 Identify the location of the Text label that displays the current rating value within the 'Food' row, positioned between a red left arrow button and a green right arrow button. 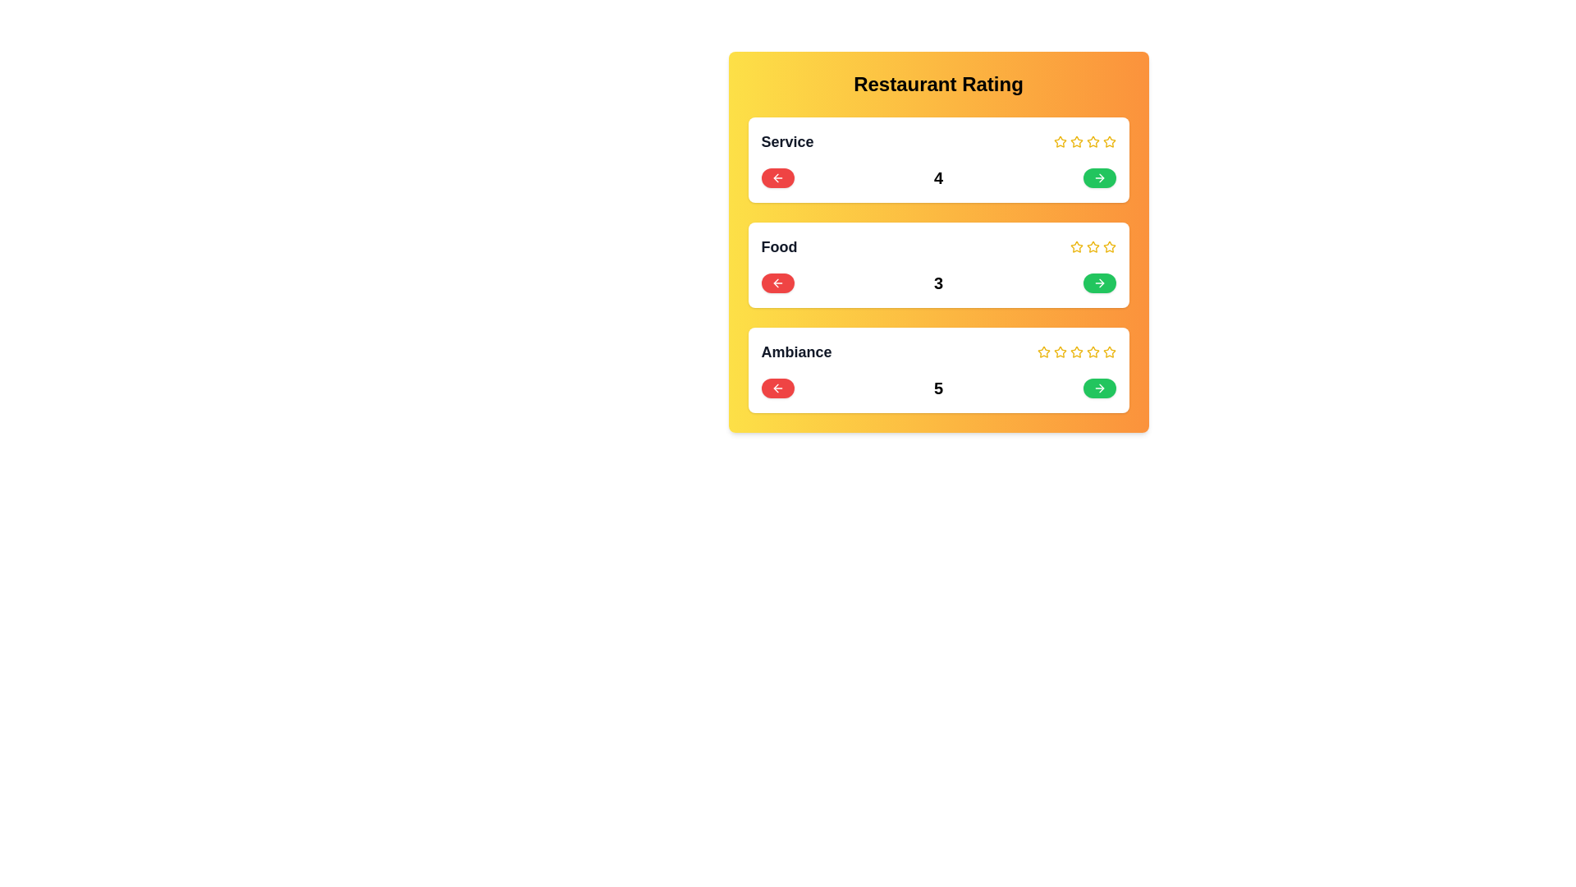
(938, 282).